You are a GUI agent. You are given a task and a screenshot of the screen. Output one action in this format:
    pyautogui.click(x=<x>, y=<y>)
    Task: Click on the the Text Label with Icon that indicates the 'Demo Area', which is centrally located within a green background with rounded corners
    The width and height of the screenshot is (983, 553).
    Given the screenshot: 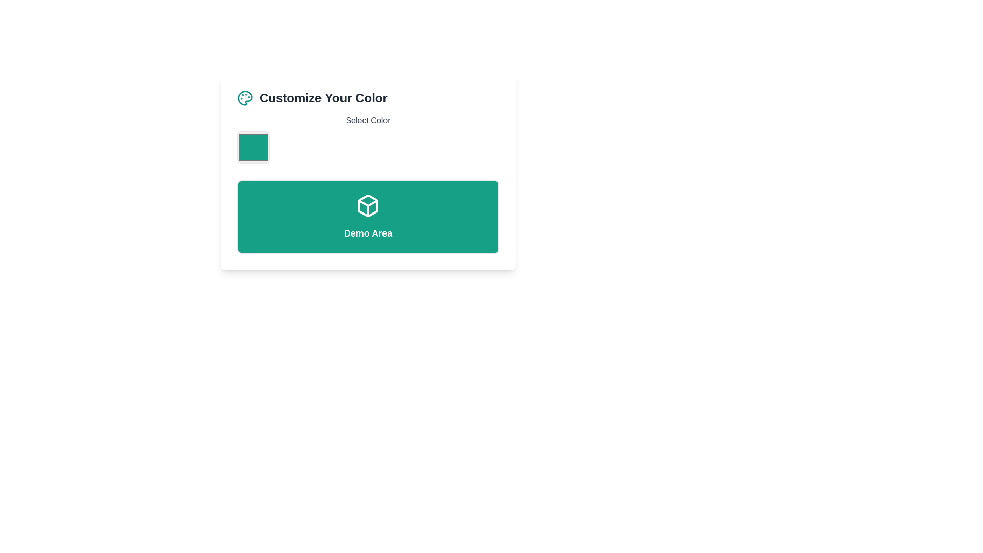 What is the action you would take?
    pyautogui.click(x=368, y=217)
    